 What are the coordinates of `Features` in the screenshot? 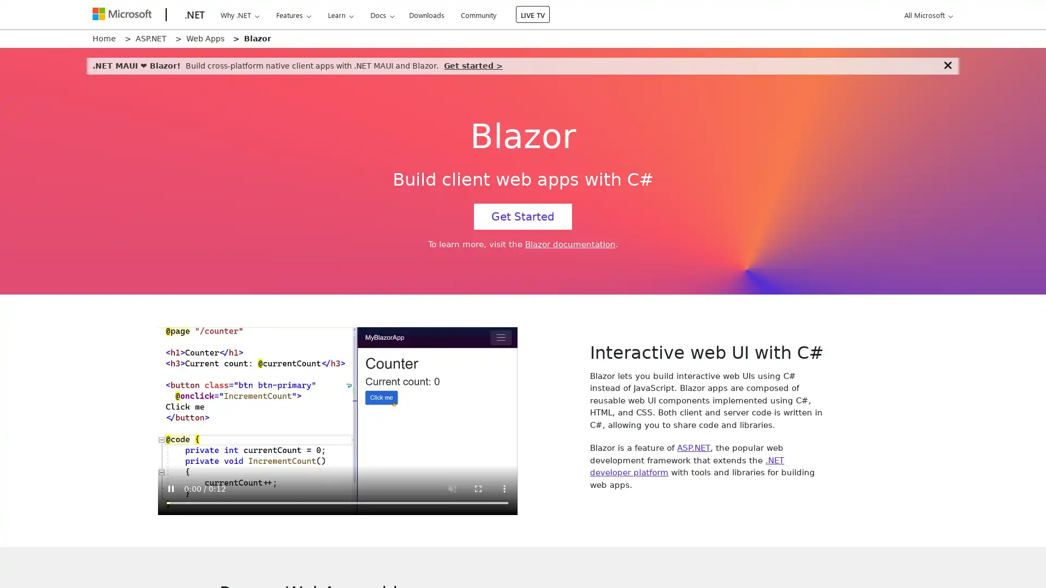 It's located at (293, 15).